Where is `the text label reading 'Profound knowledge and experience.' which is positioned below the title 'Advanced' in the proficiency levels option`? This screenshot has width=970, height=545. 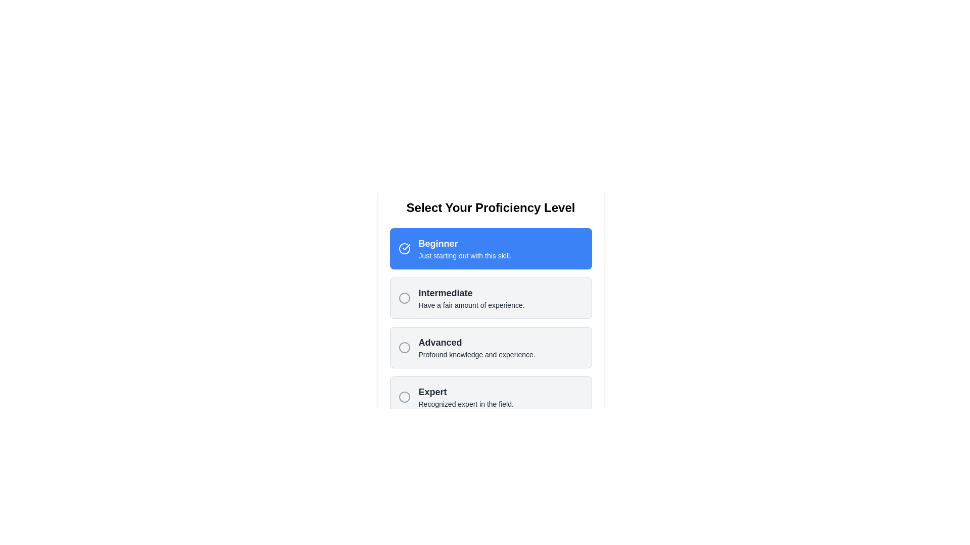 the text label reading 'Profound knowledge and experience.' which is positioned below the title 'Advanced' in the proficiency levels option is located at coordinates (476, 354).